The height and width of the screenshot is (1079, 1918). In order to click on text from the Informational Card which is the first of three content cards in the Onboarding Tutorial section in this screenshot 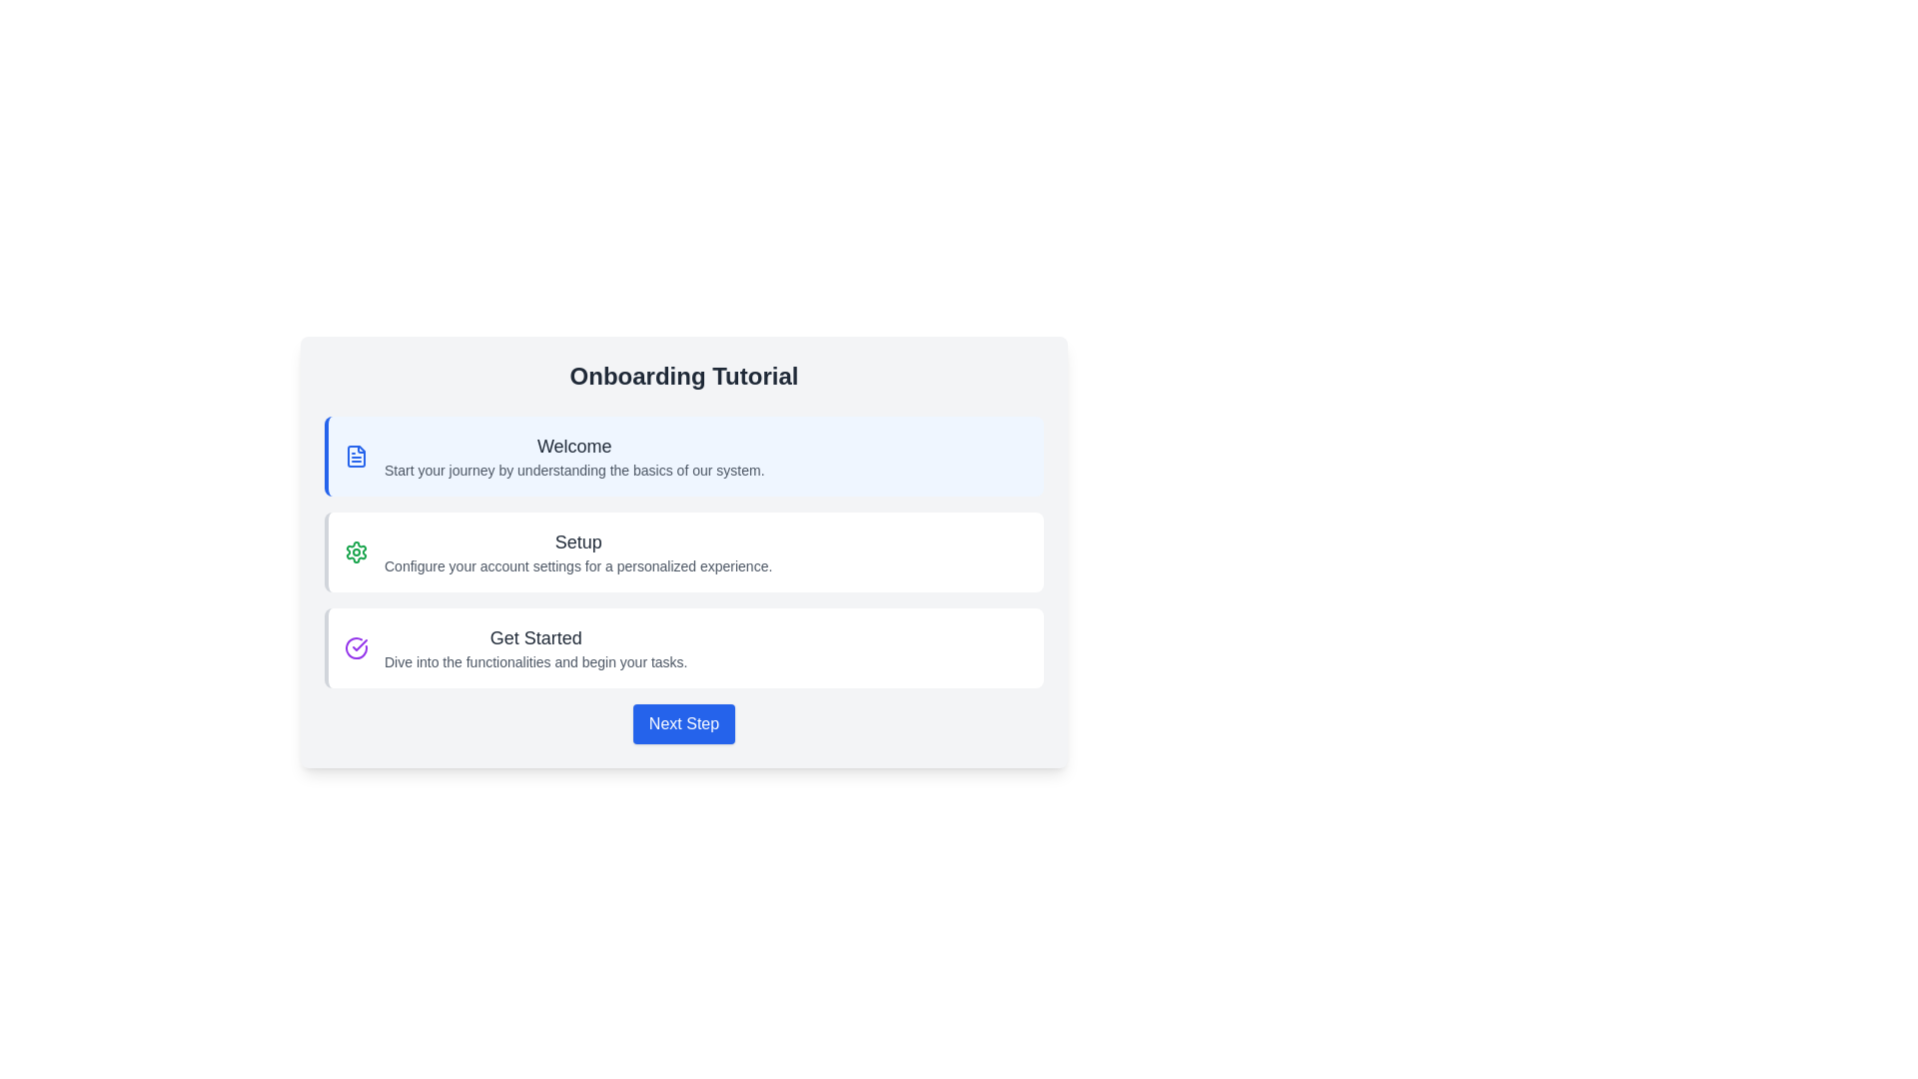, I will do `click(684, 456)`.